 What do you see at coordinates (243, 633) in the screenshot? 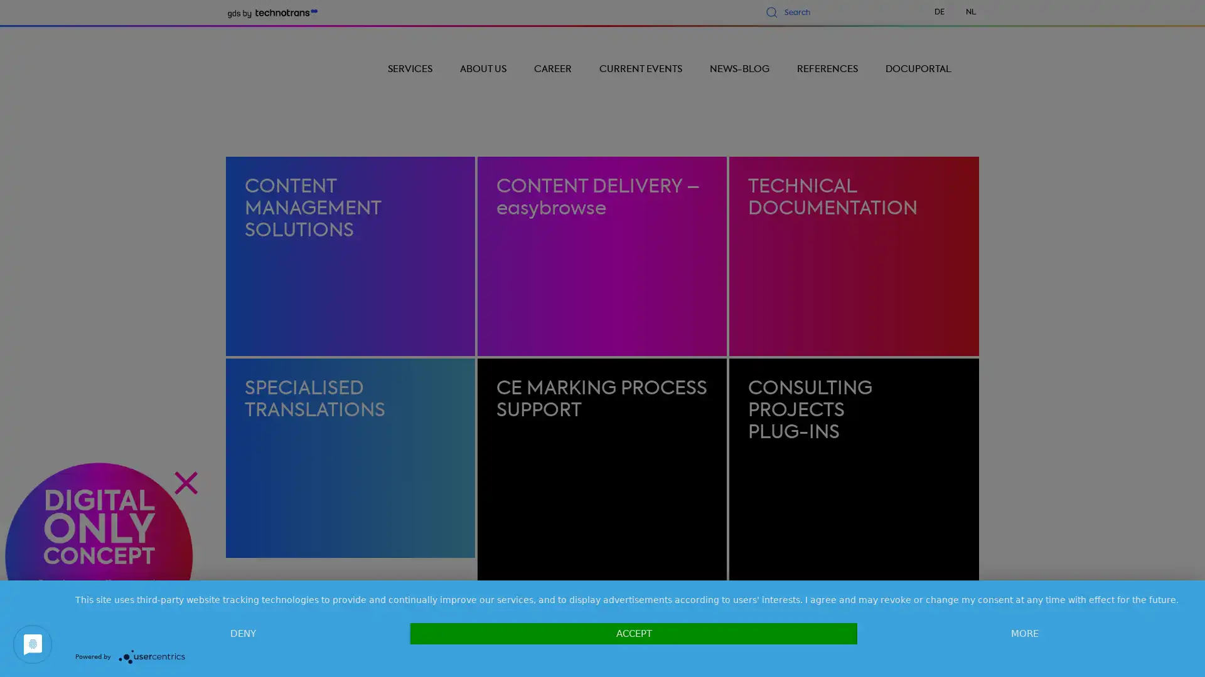
I see `Deny` at bounding box center [243, 633].